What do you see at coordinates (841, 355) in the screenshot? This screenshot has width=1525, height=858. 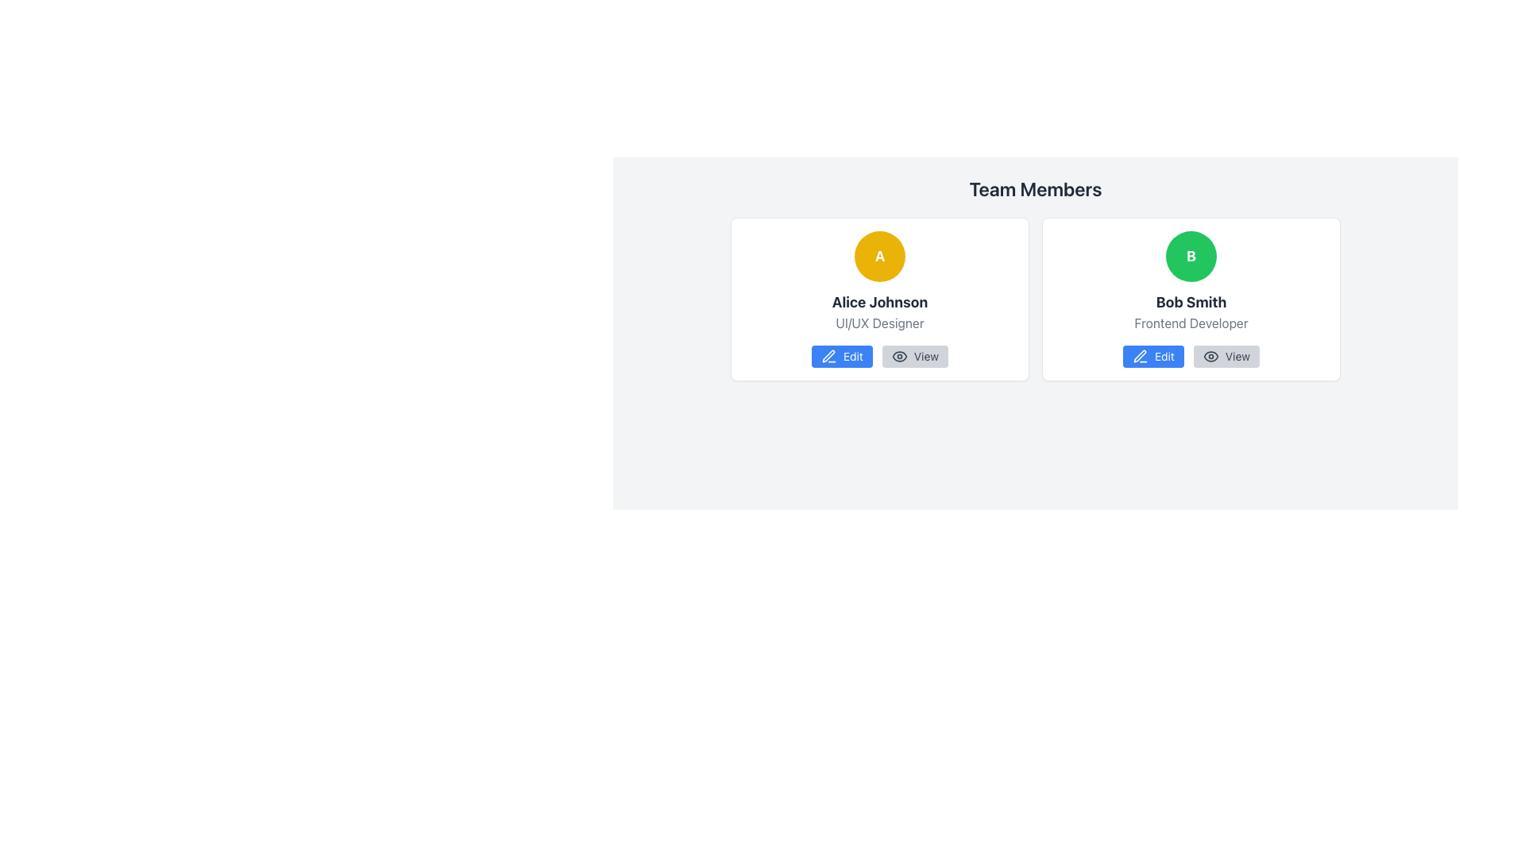 I see `the 'Edit' button, which is a small rectangular button with rounded corners, a blue background, and white text` at bounding box center [841, 355].